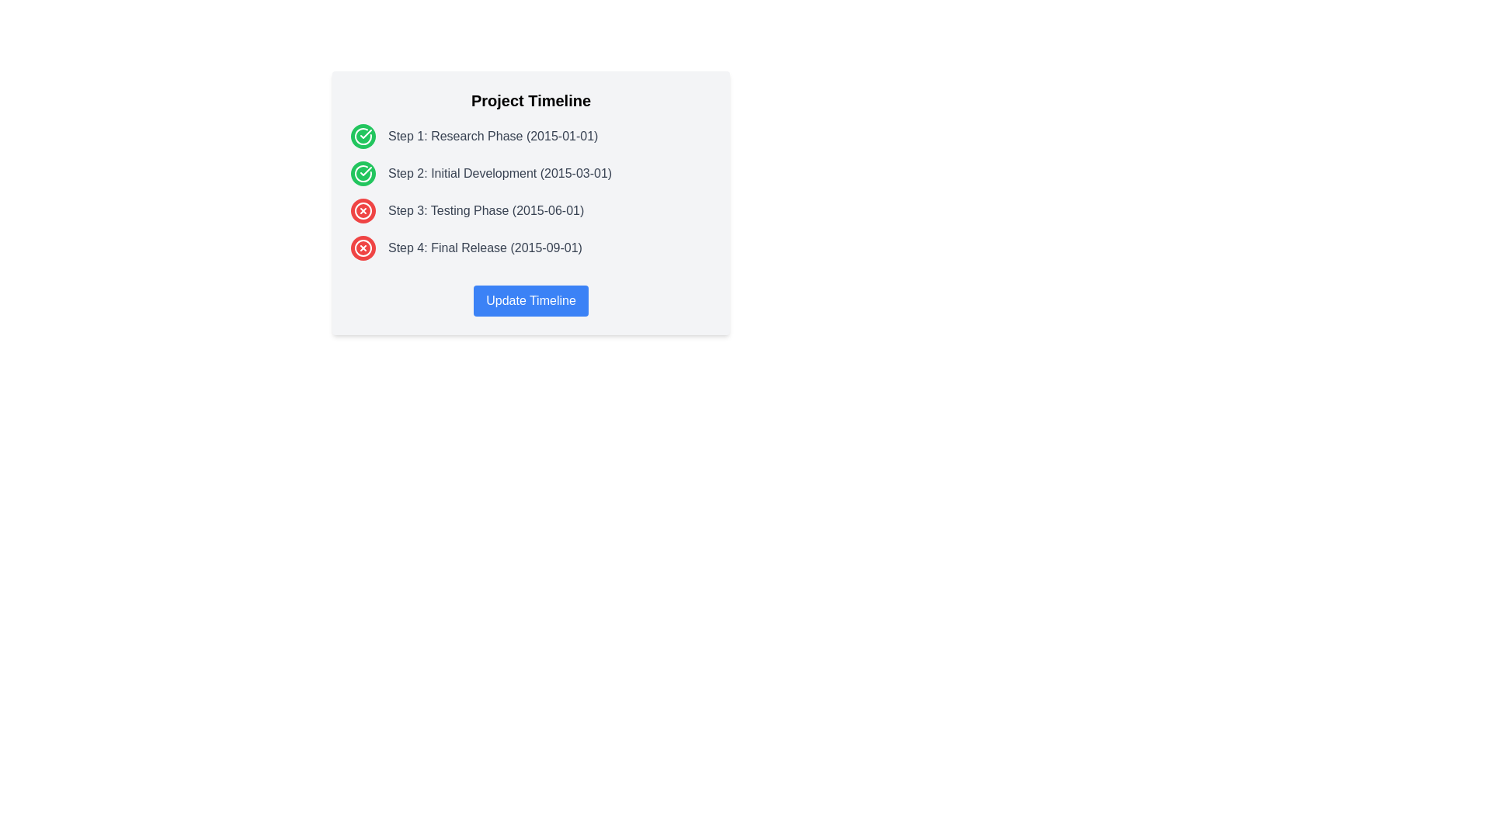 This screenshot has width=1491, height=838. Describe the element at coordinates (484, 248) in the screenshot. I see `the text label displaying 'Step 4: Final Release (2015-09-01)', which is styled with a gray font color and positioned under the 'Project Timeline' header as the fourth item in the list` at that location.